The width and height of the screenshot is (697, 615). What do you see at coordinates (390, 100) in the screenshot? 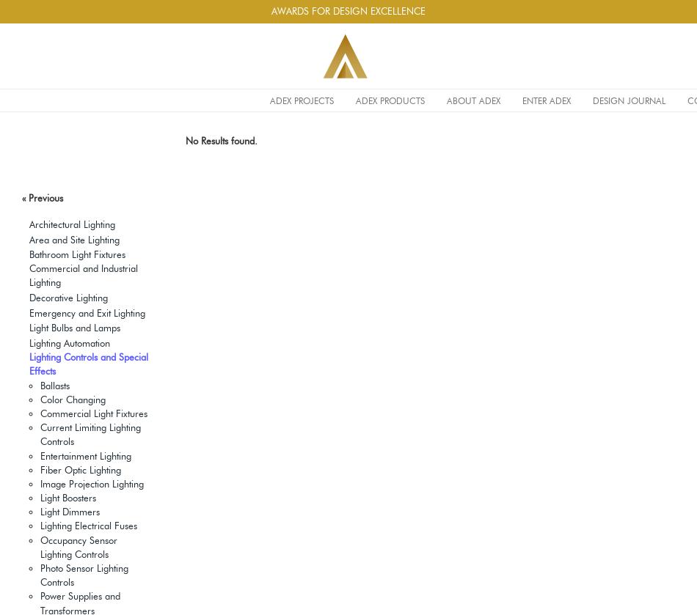
I see `'ADEX PRODUCTS'` at bounding box center [390, 100].